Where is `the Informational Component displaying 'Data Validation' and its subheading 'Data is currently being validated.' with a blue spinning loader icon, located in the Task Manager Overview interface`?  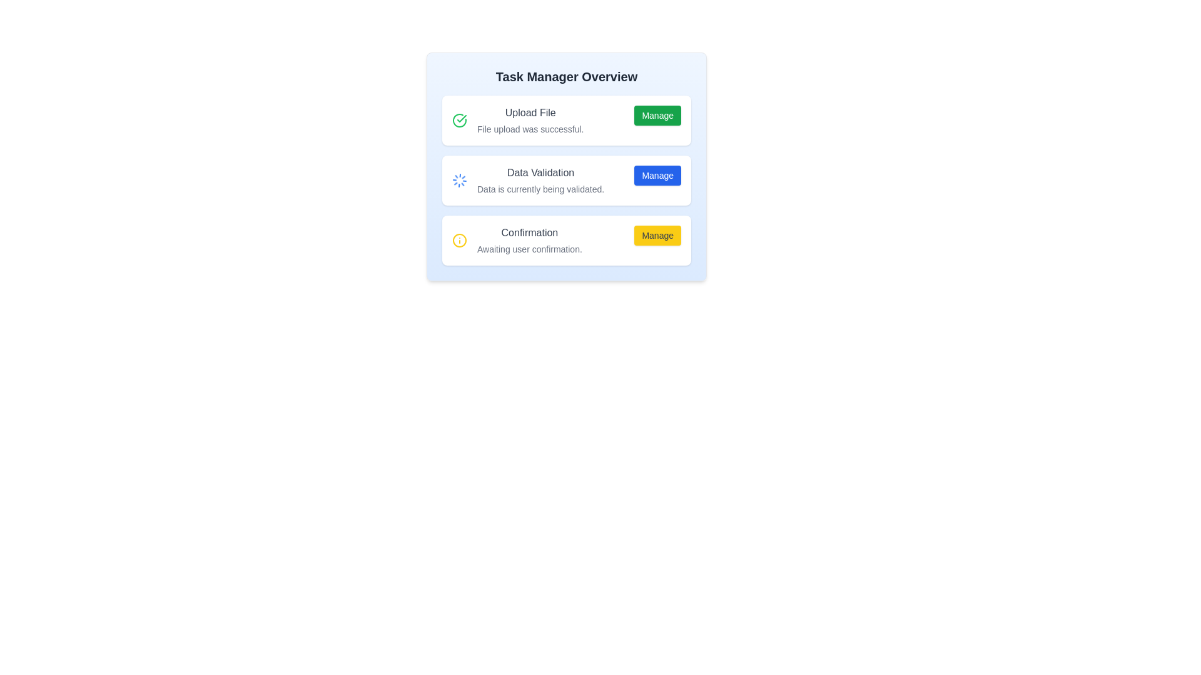 the Informational Component displaying 'Data Validation' and its subheading 'Data is currently being validated.' with a blue spinning loader icon, located in the Task Manager Overview interface is located at coordinates (528, 181).